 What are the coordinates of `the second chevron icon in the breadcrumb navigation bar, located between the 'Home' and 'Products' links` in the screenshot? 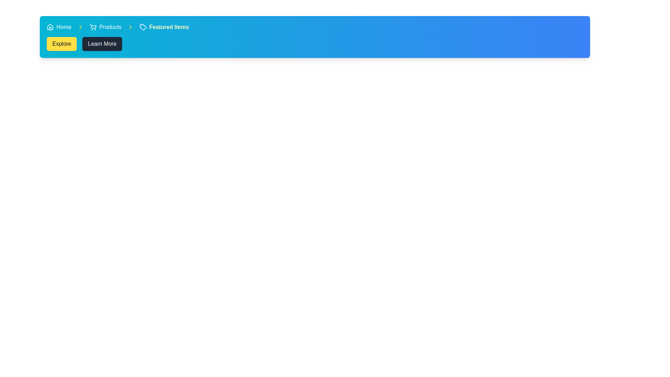 It's located at (80, 27).